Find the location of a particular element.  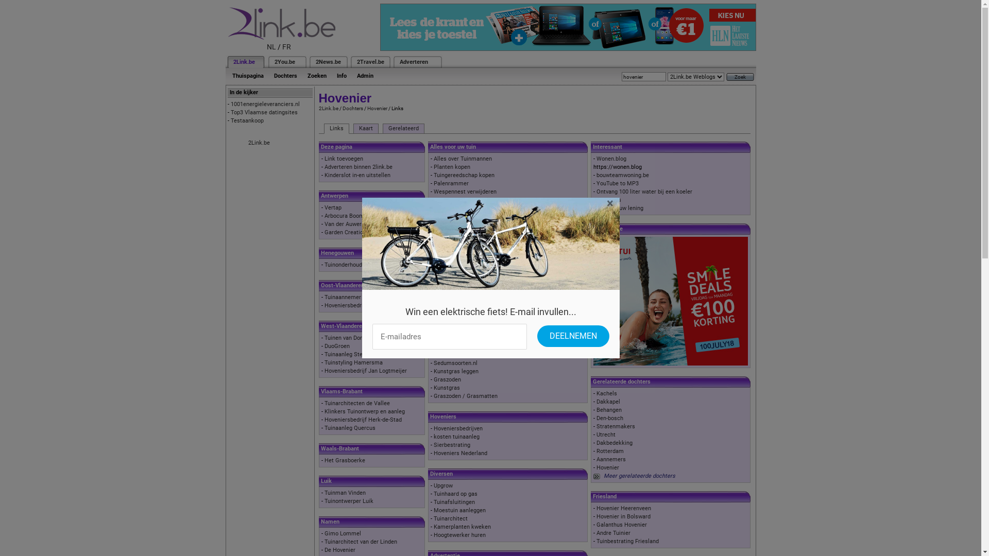

'Dakkapel' is located at coordinates (608, 401).